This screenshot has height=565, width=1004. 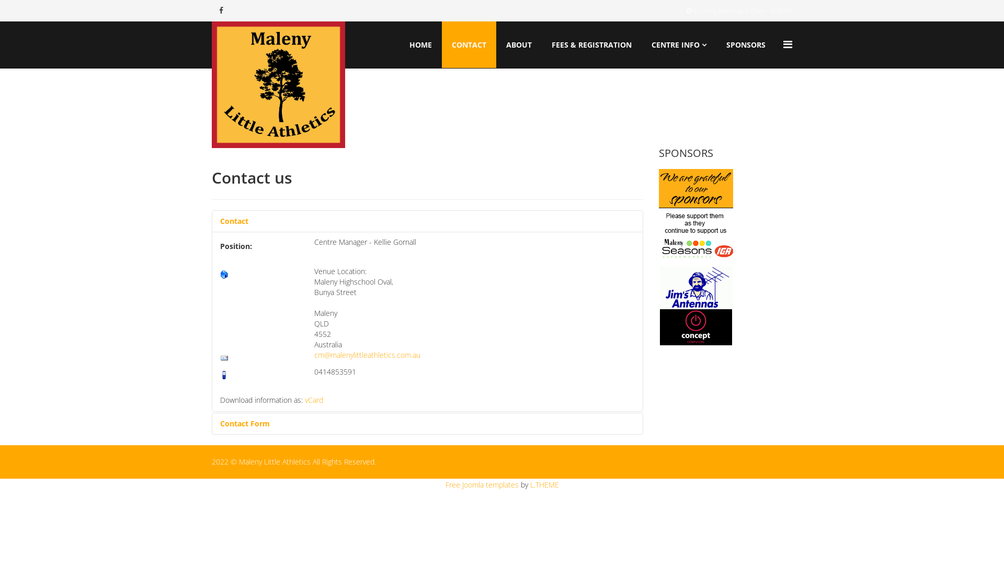 What do you see at coordinates (481, 484) in the screenshot?
I see `'Free Joomla templates'` at bounding box center [481, 484].